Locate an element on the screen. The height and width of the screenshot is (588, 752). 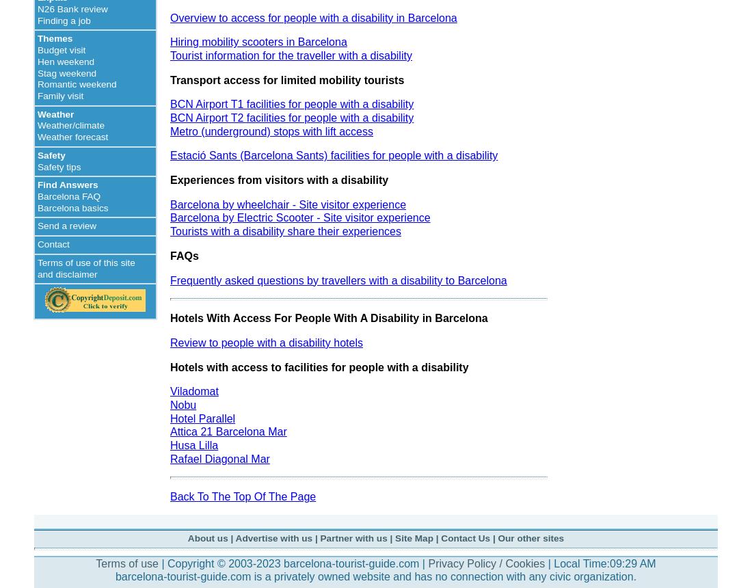
'FAQs' is located at coordinates (184, 255).